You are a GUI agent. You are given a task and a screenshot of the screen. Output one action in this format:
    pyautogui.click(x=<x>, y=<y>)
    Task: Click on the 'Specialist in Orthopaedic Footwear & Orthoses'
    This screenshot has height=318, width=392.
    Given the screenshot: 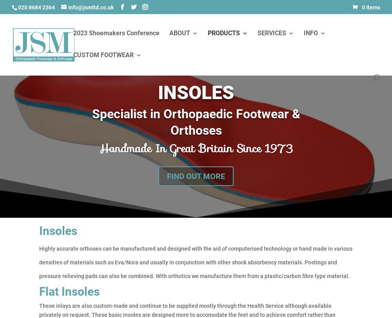 What is the action you would take?
    pyautogui.click(x=195, y=122)
    